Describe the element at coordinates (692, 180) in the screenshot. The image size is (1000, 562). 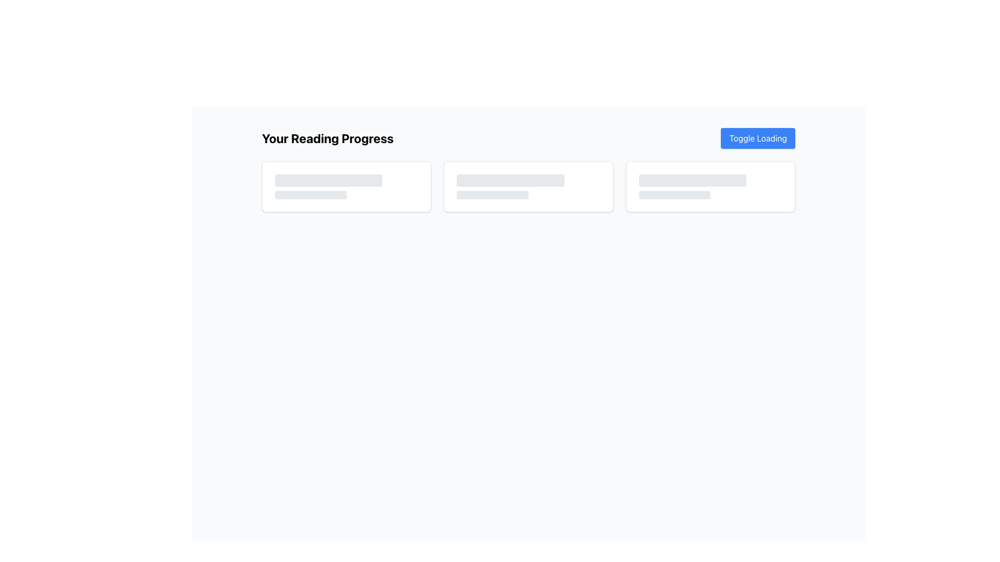
I see `the gray rounded rectangle skeleton loader located in the rightmost card of three horizontally aligned cards, near the top of its card` at that location.